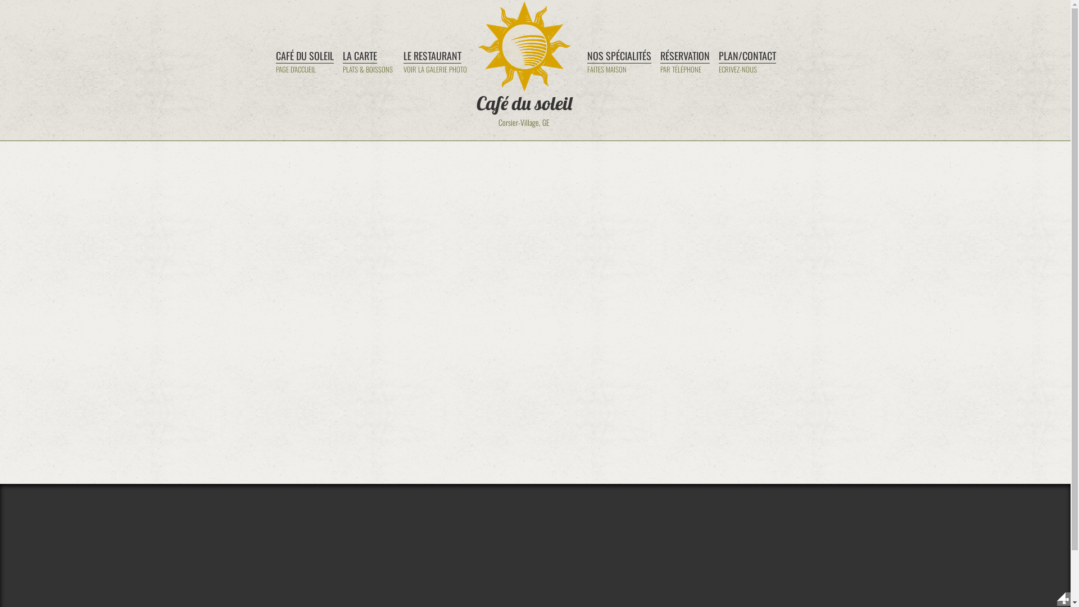 This screenshot has height=607, width=1079. Describe the element at coordinates (436, 64) in the screenshot. I see `'LE RESTAURANT` at that location.